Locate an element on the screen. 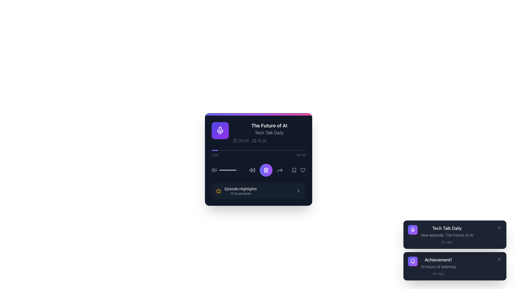 The width and height of the screenshot is (515, 289). the progress bar is located at coordinates (225, 170).